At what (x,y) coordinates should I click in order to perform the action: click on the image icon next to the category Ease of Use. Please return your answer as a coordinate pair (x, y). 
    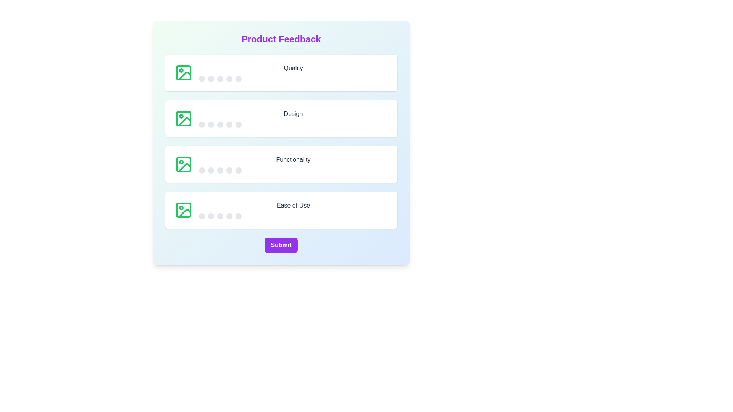
    Looking at the image, I should click on (183, 210).